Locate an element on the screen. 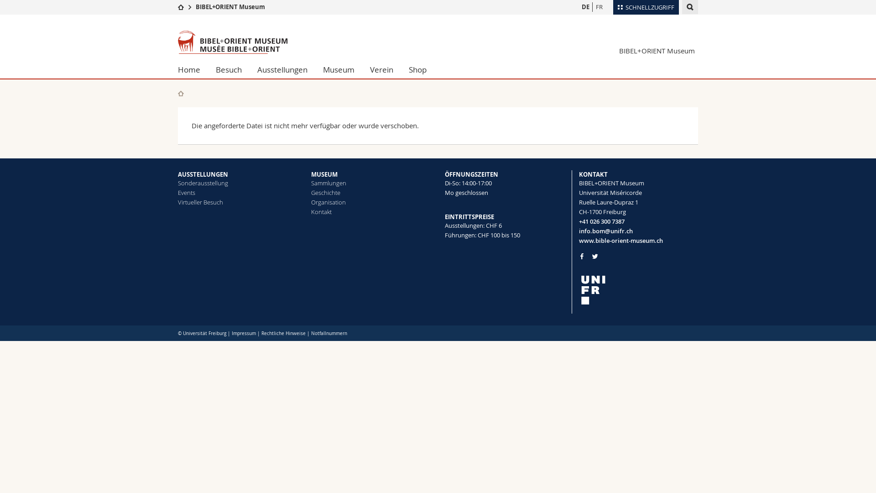  'Impressum' is located at coordinates (244, 333).